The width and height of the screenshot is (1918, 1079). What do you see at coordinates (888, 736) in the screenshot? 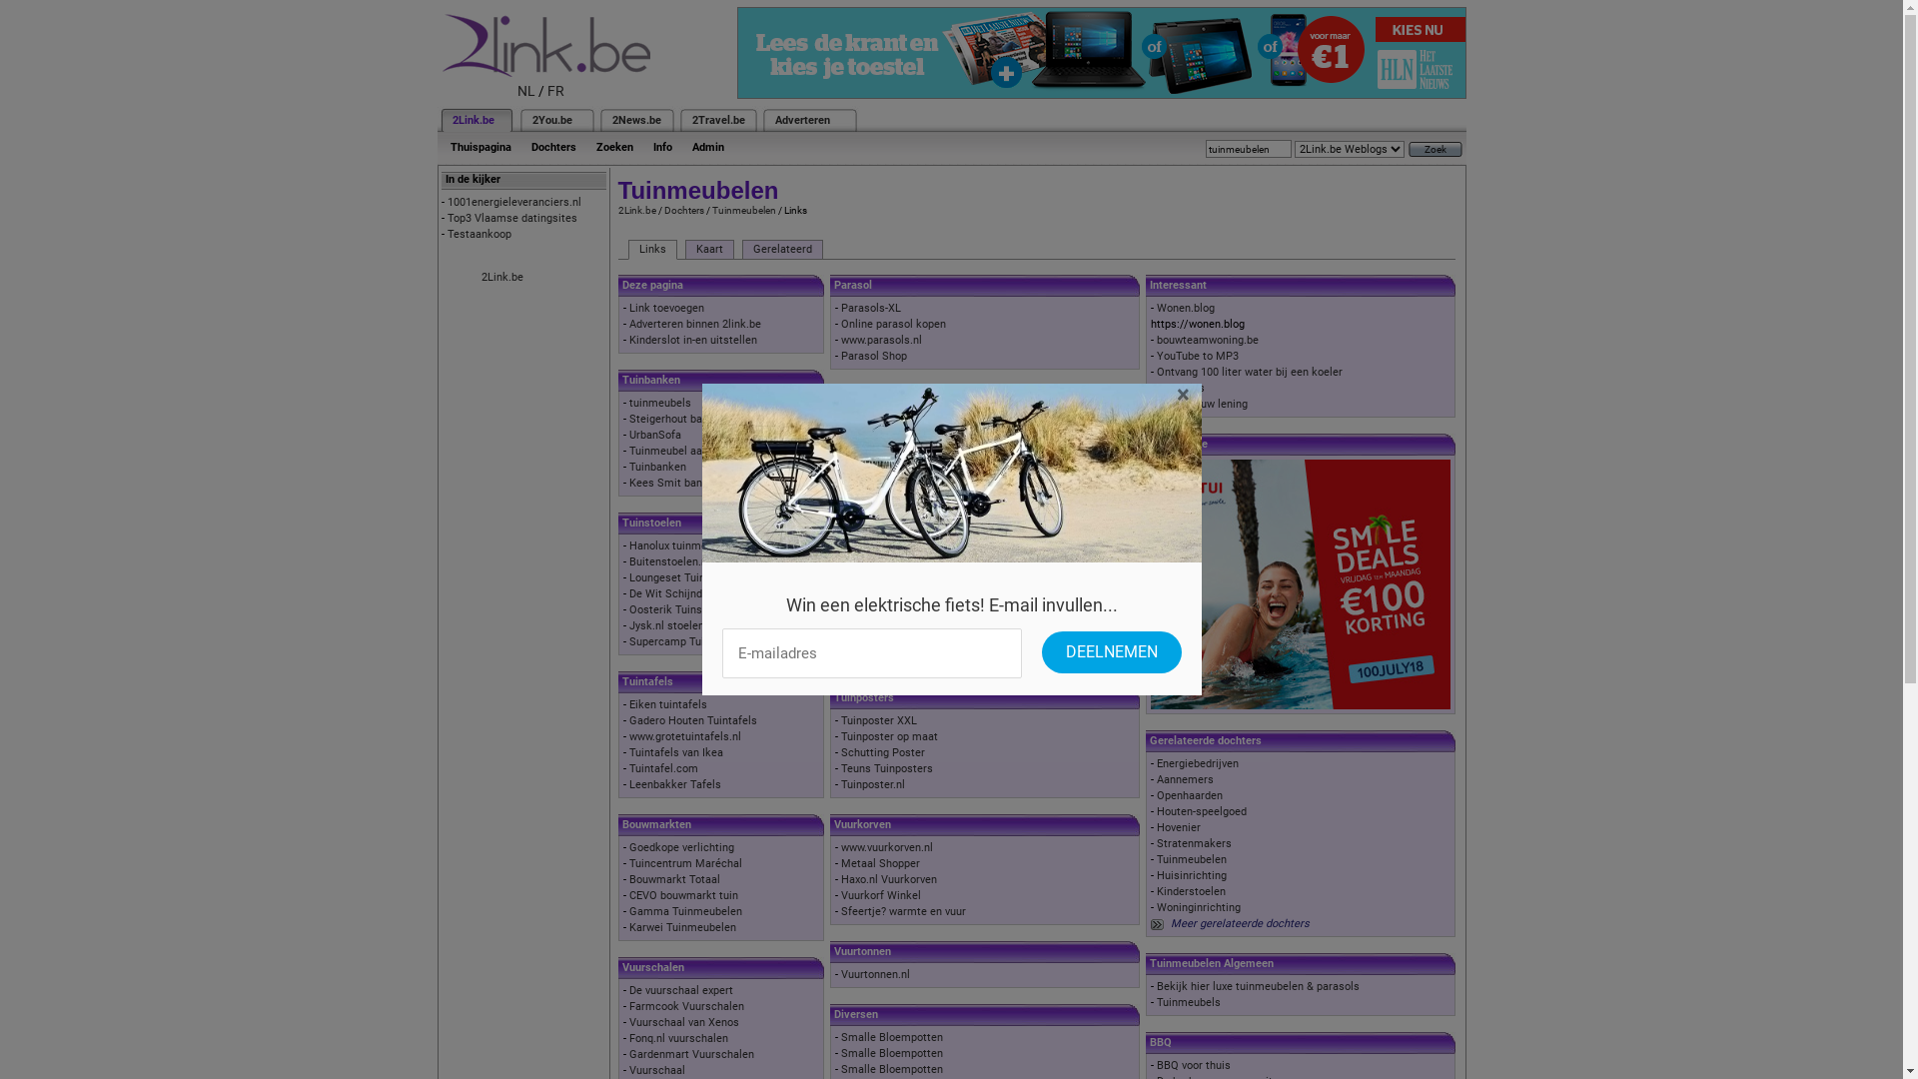
I see `'Tuinposter op maat'` at bounding box center [888, 736].